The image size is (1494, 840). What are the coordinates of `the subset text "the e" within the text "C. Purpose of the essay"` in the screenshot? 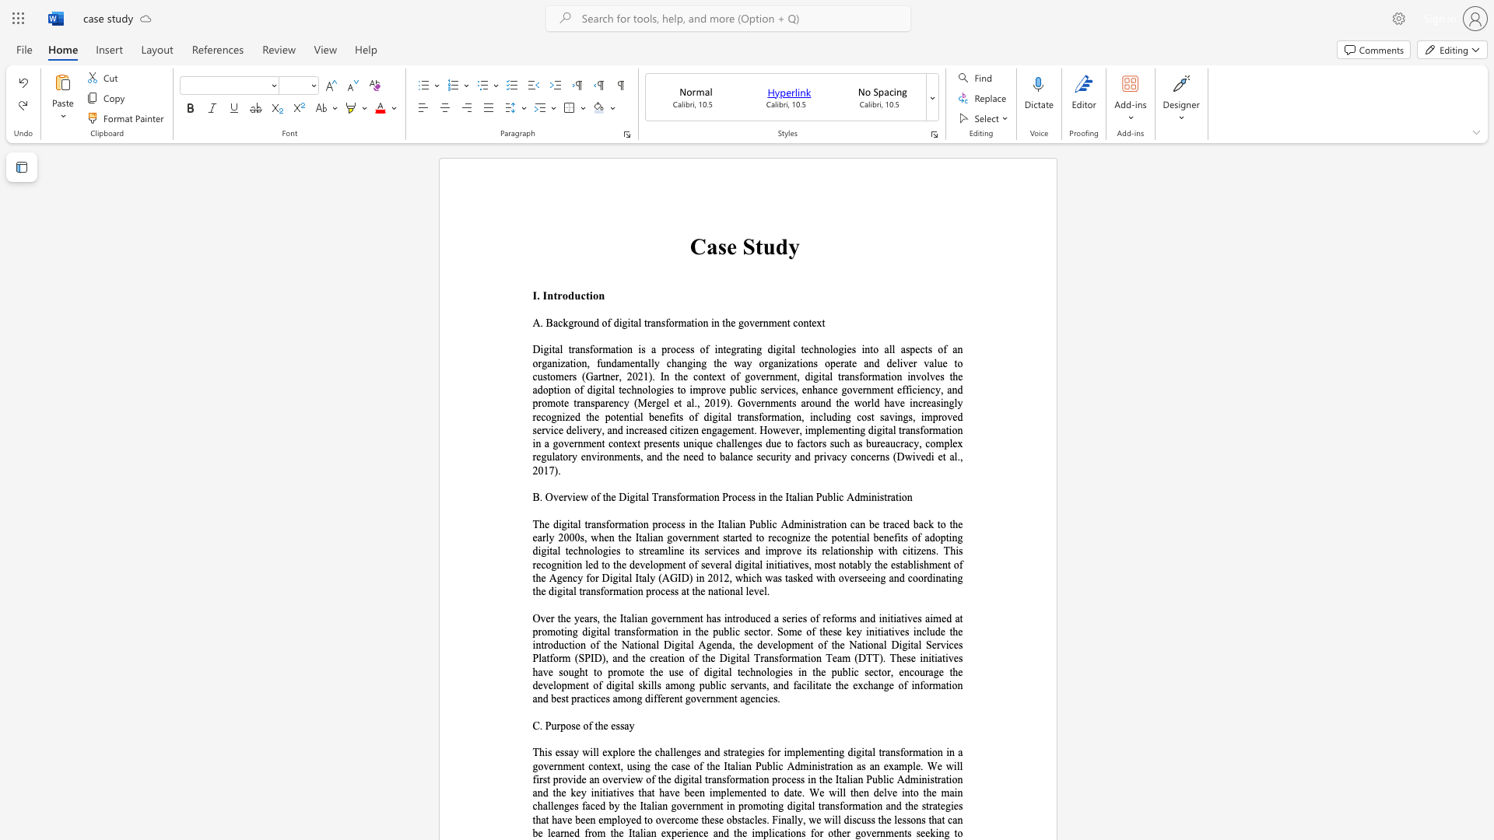 It's located at (594, 726).